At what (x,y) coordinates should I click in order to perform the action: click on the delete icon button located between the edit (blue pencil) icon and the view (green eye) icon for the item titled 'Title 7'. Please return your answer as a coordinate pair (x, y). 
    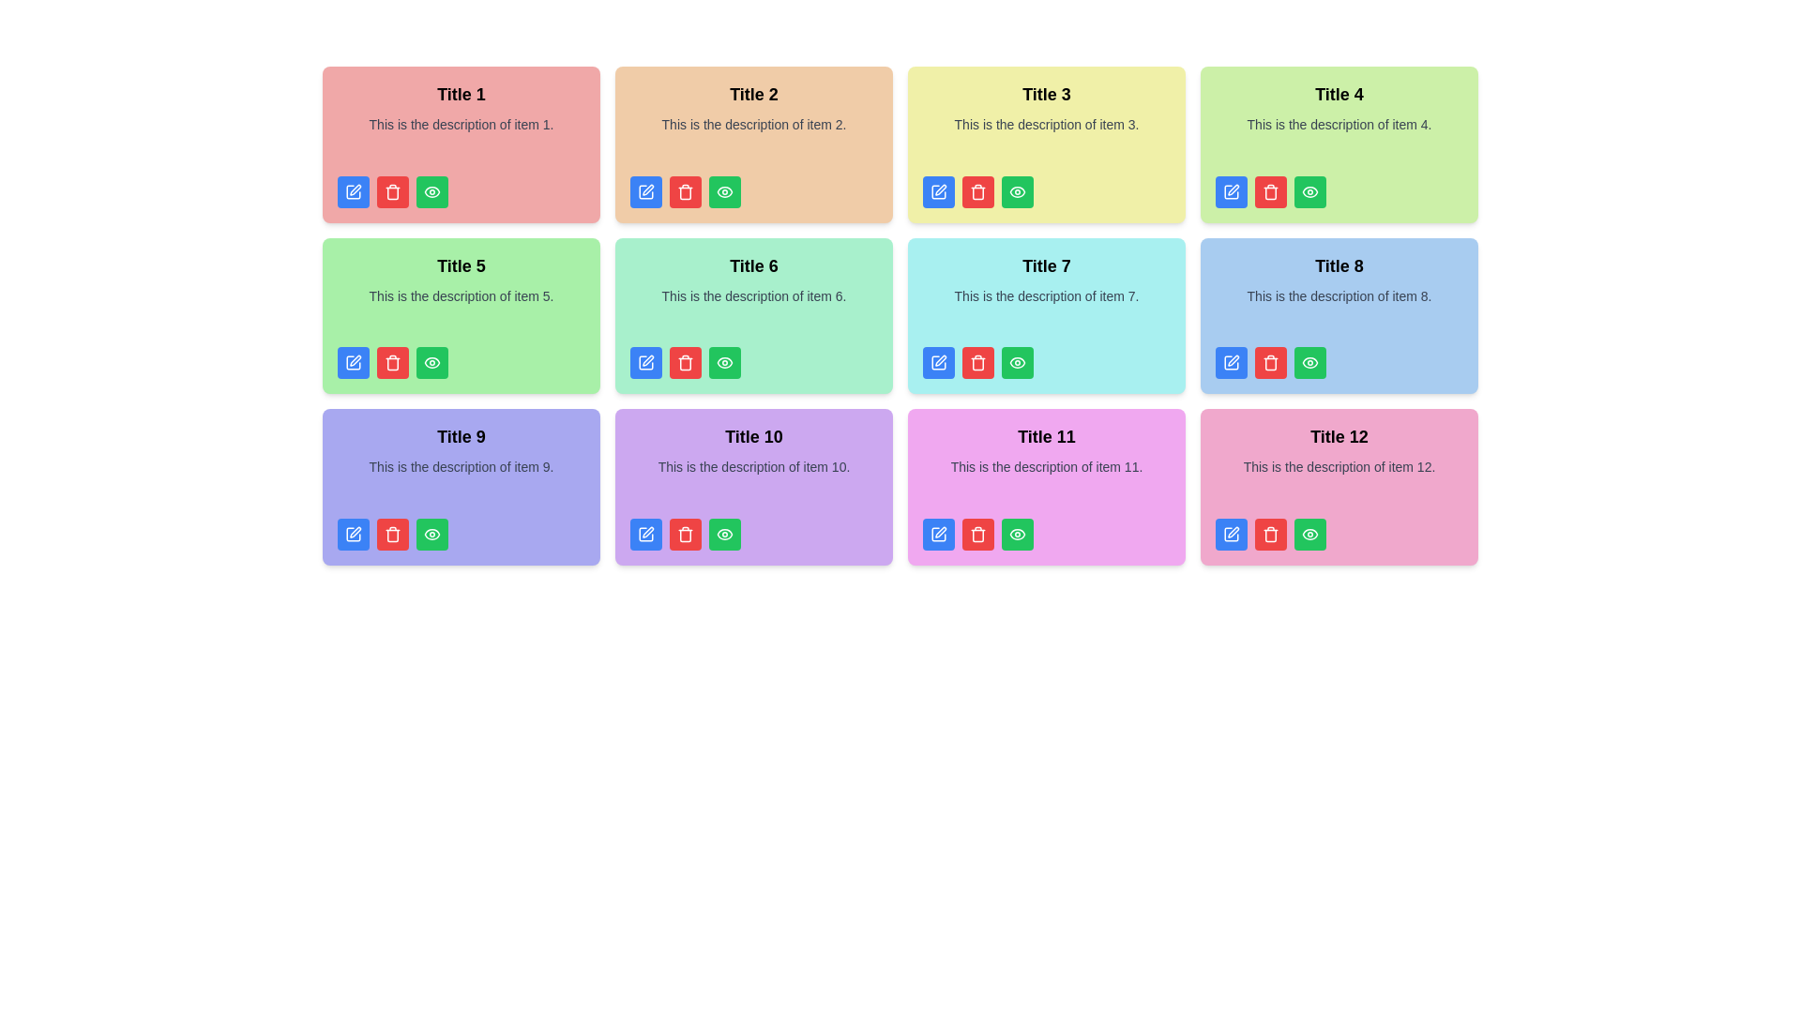
    Looking at the image, I should click on (976, 364).